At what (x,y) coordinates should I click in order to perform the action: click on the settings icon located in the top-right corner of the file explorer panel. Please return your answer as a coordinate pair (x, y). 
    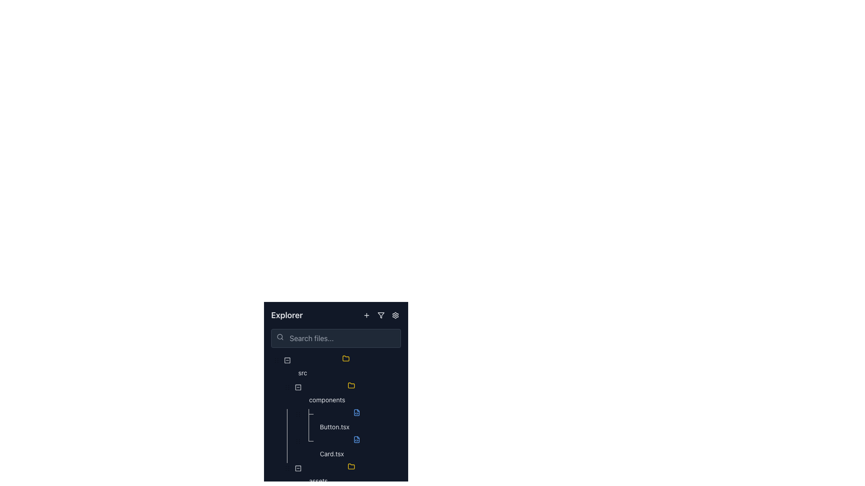
    Looking at the image, I should click on (396, 315).